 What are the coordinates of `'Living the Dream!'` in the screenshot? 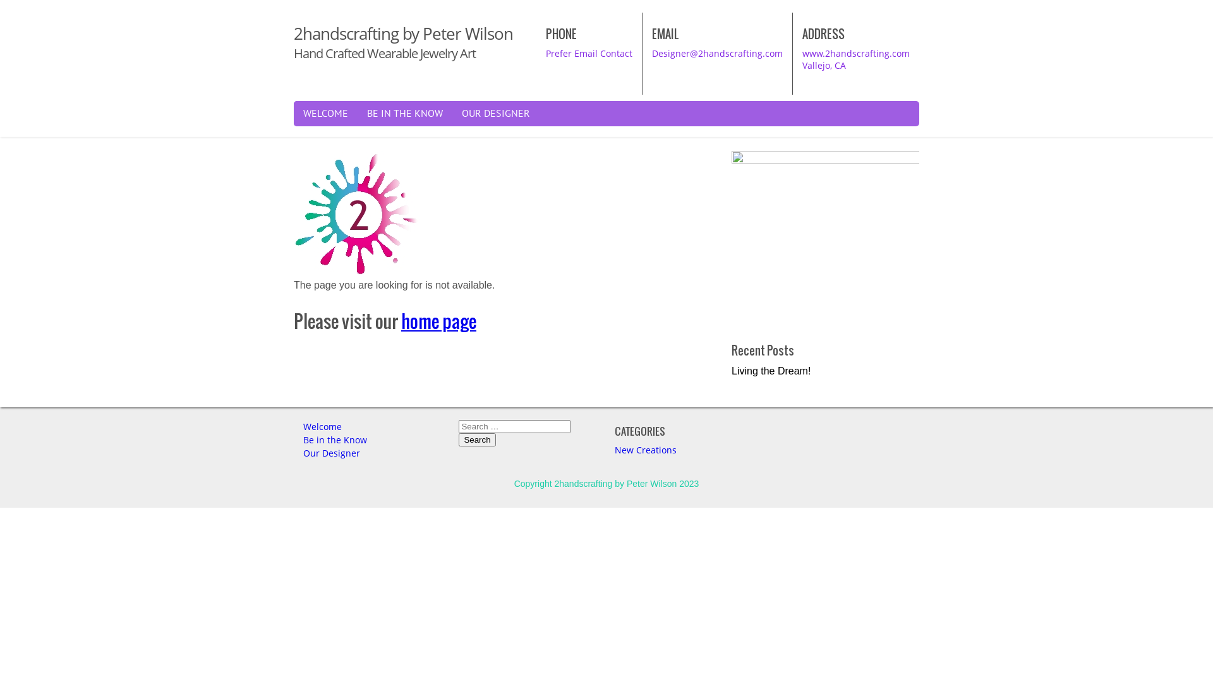 It's located at (770, 370).